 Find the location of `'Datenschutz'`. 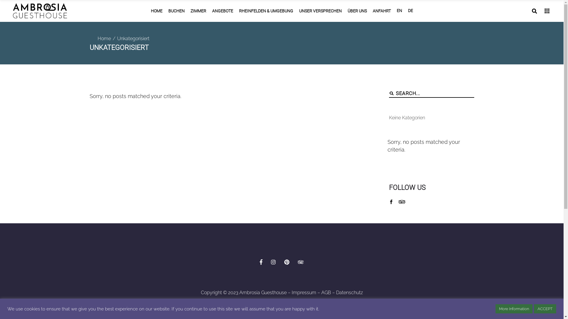

'Datenschutz' is located at coordinates (336, 292).